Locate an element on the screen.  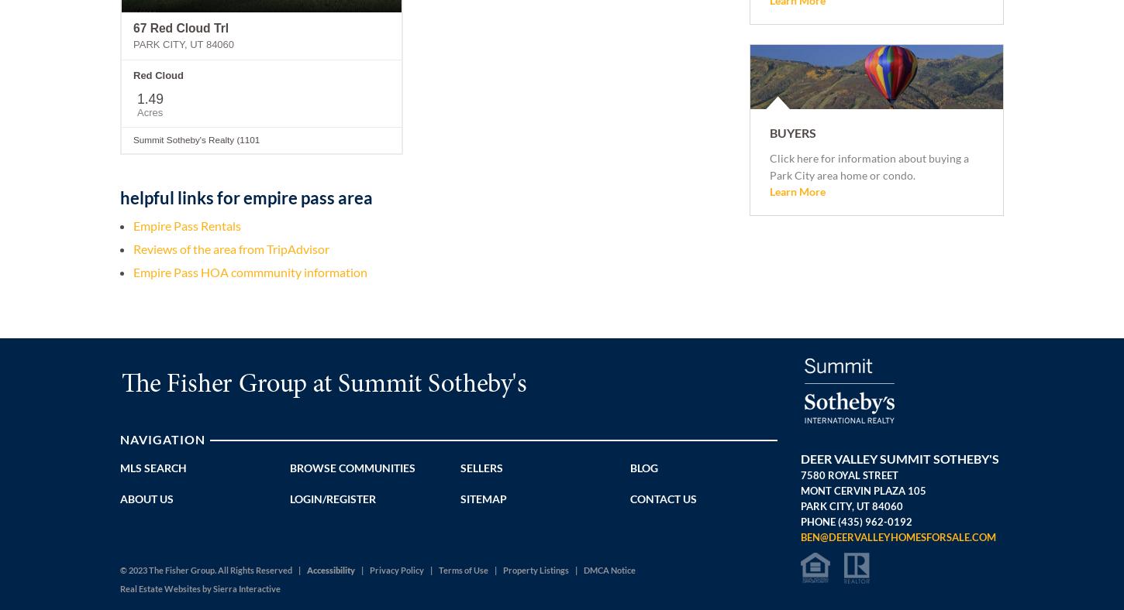
'helpful links for empire pass area' is located at coordinates (119, 196).